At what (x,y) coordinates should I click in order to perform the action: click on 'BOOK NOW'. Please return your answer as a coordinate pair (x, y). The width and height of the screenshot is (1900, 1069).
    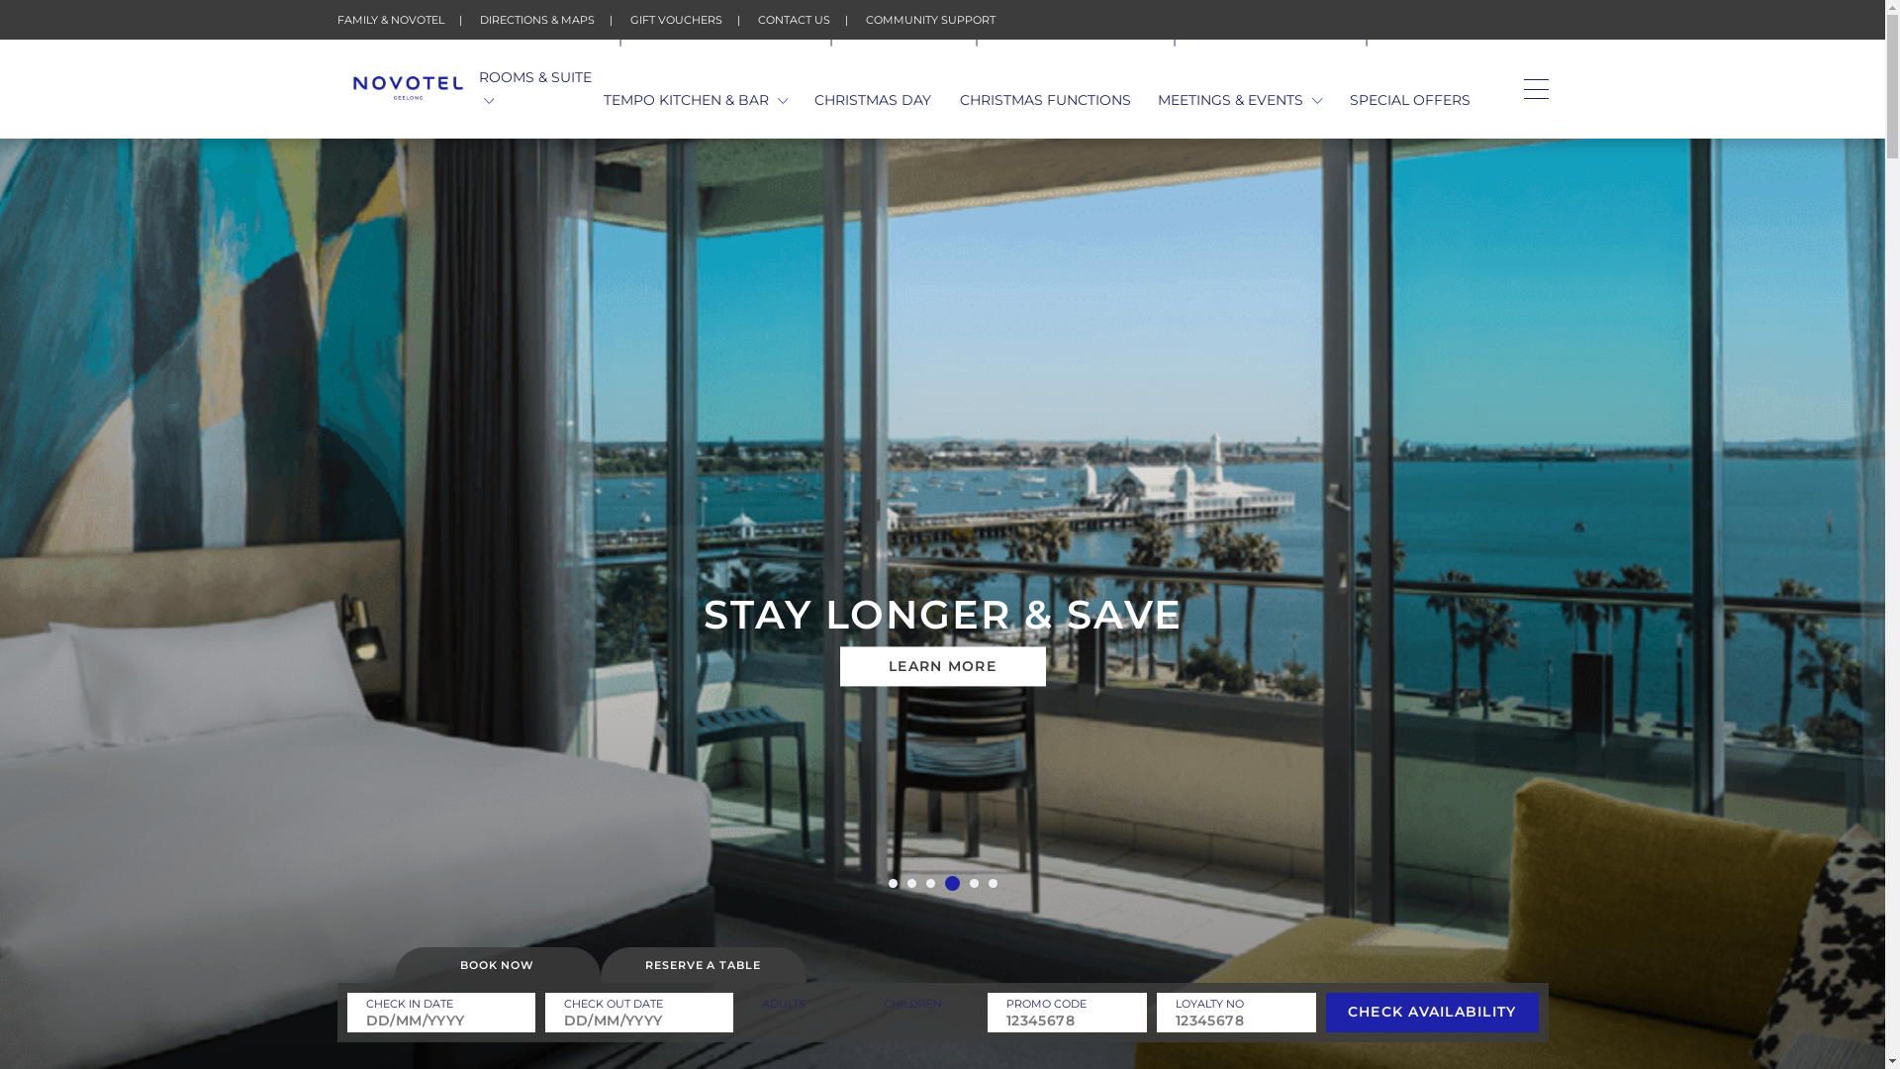
    Looking at the image, I should click on (394, 964).